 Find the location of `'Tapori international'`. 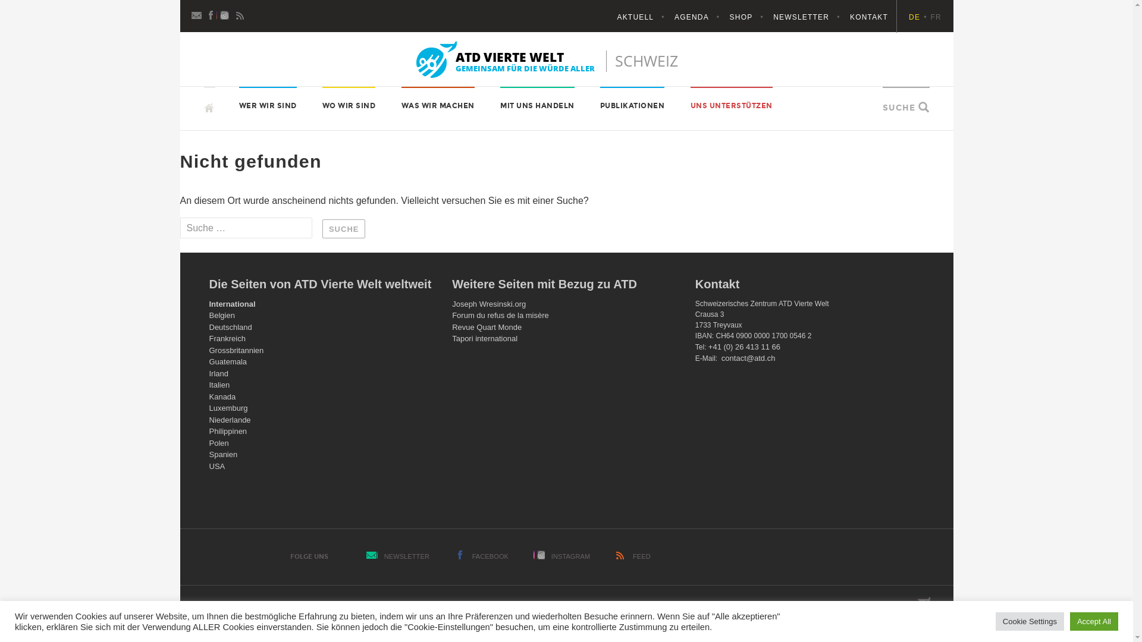

'Tapori international' is located at coordinates (485, 338).